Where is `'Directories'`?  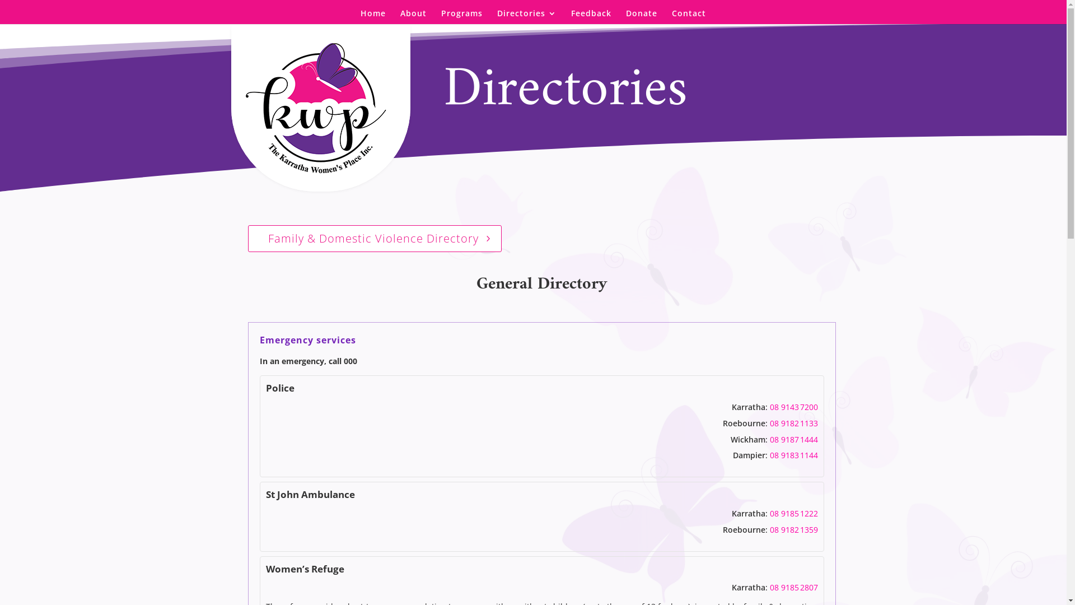 'Directories' is located at coordinates (526, 17).